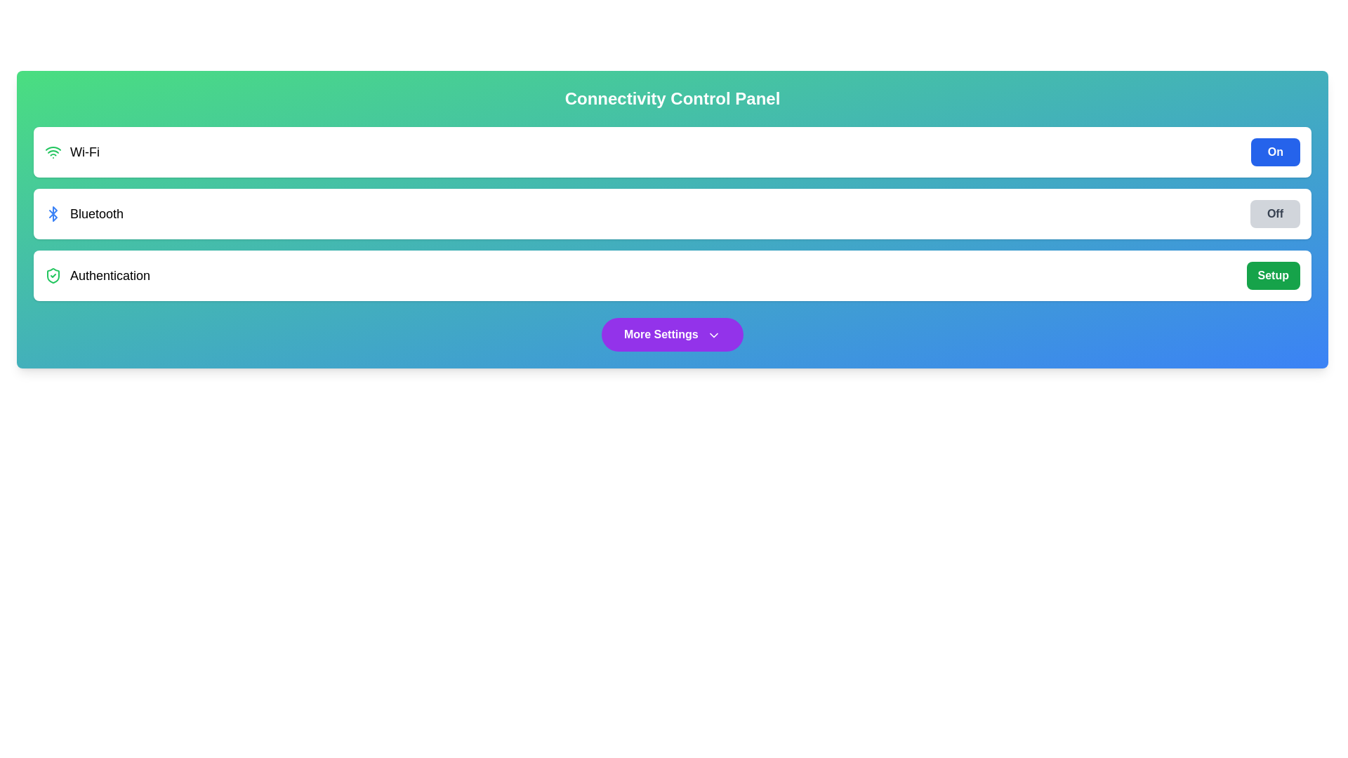 The height and width of the screenshot is (758, 1348). I want to click on the interactive settings button located at the bottom of the card-like section to trigger visual feedback, so click(672, 335).